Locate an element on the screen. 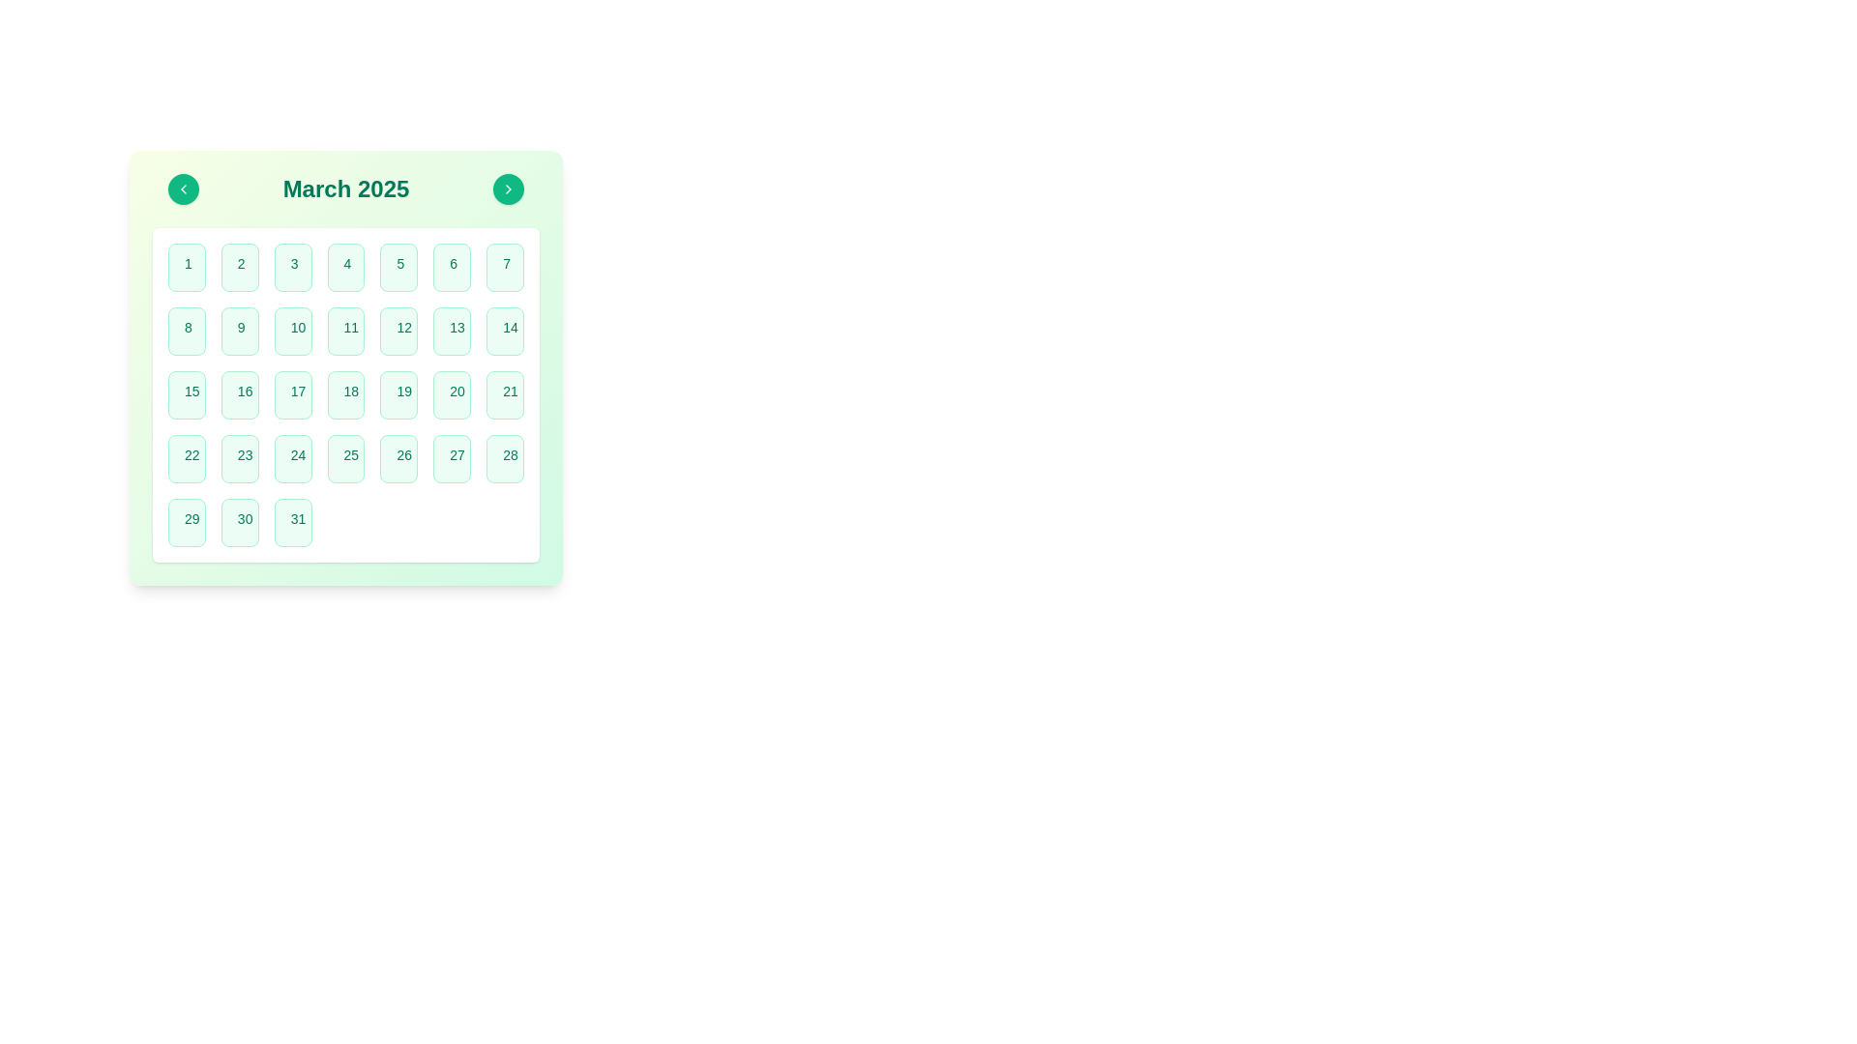 The width and height of the screenshot is (1857, 1044). the left navigation button in the calendar header is located at coordinates (184, 189).